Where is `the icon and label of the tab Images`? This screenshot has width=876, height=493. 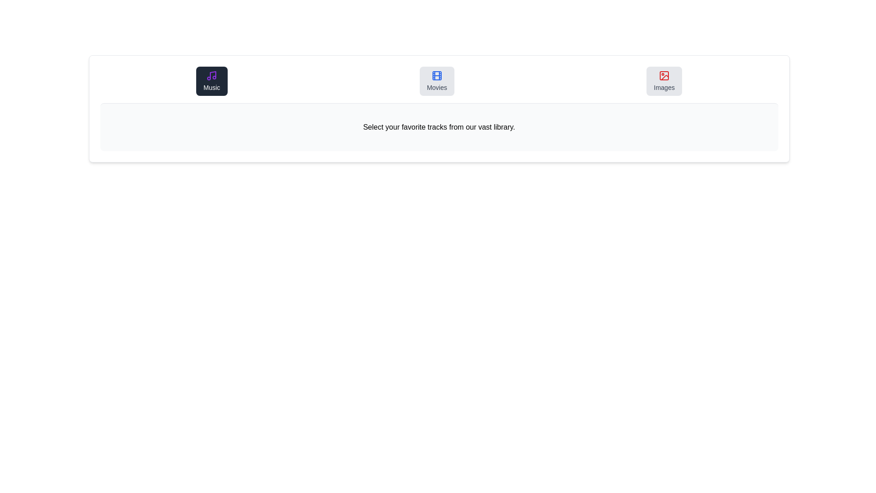
the icon and label of the tab Images is located at coordinates (664, 80).